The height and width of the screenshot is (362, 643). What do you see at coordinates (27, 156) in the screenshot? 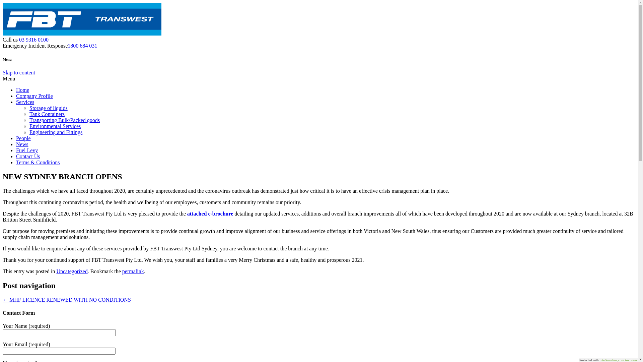
I see `'Contact Us'` at bounding box center [27, 156].